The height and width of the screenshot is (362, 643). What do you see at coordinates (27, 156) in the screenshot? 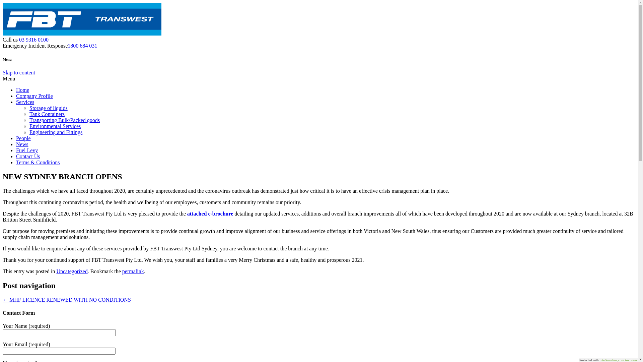
I see `'Contact Us'` at bounding box center [27, 156].